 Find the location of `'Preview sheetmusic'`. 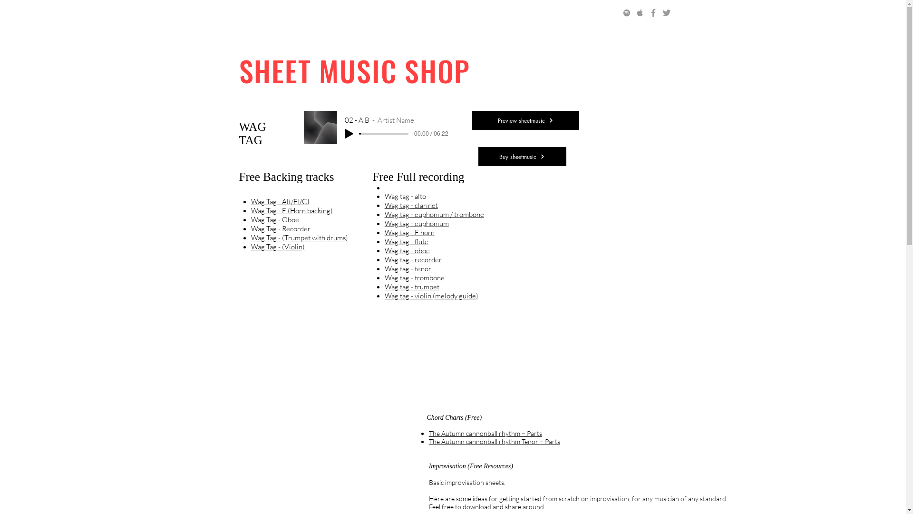

'Preview sheetmusic' is located at coordinates (472, 120).